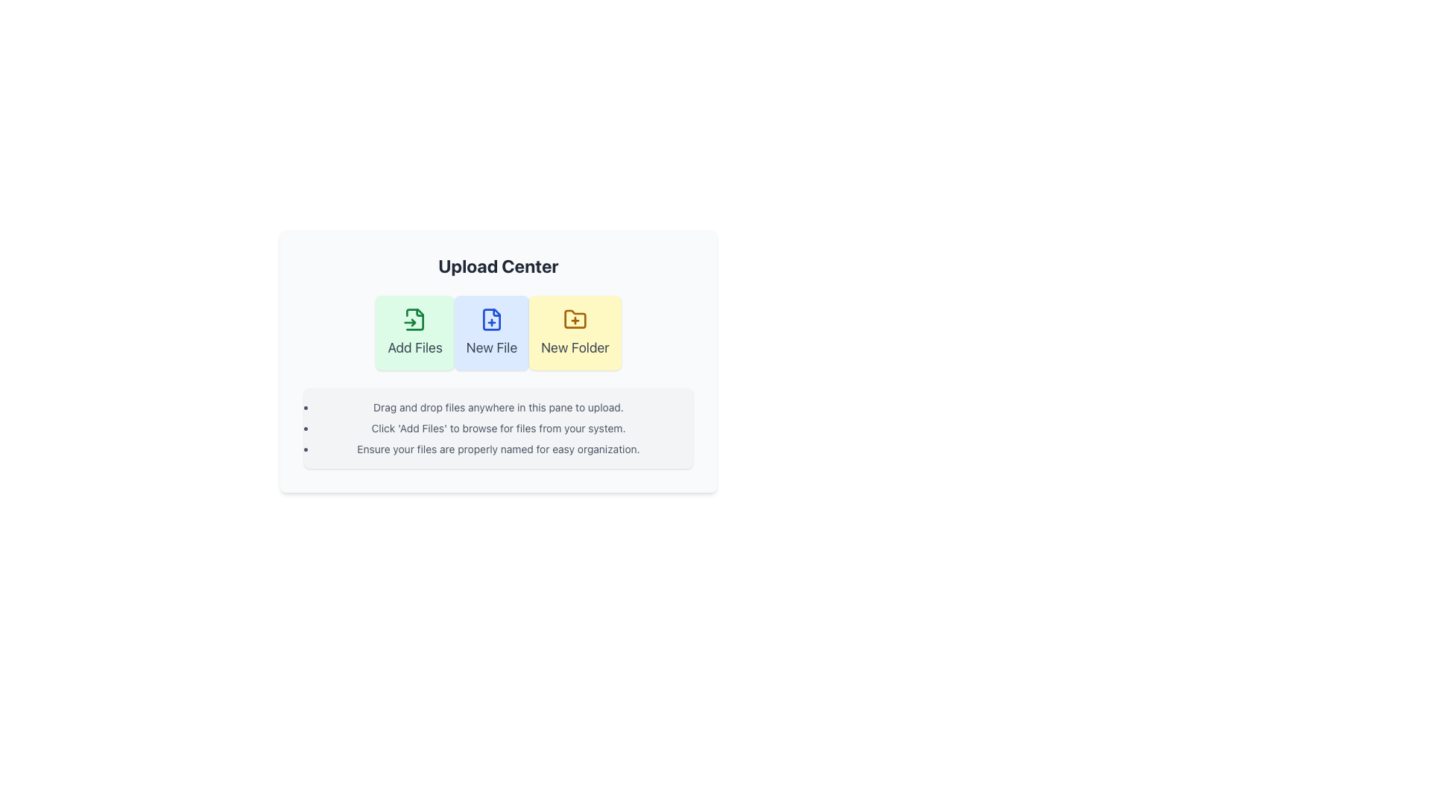 The image size is (1431, 805). What do you see at coordinates (492, 347) in the screenshot?
I see `the 'New File' text label located below the 'Upload Center' header, which describes the functionality of creating a new file` at bounding box center [492, 347].